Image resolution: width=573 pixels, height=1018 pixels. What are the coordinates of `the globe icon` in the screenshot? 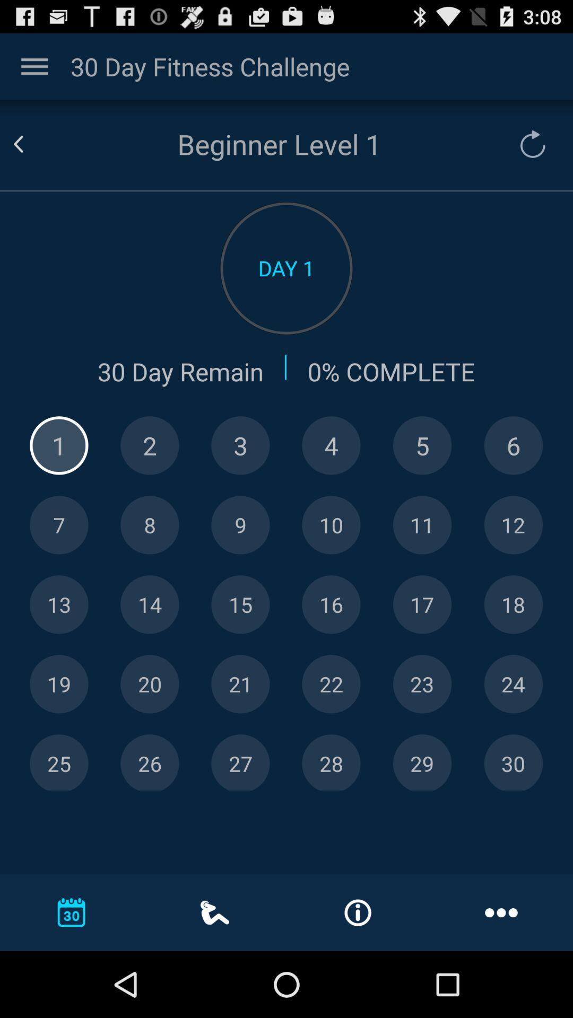 It's located at (513, 476).